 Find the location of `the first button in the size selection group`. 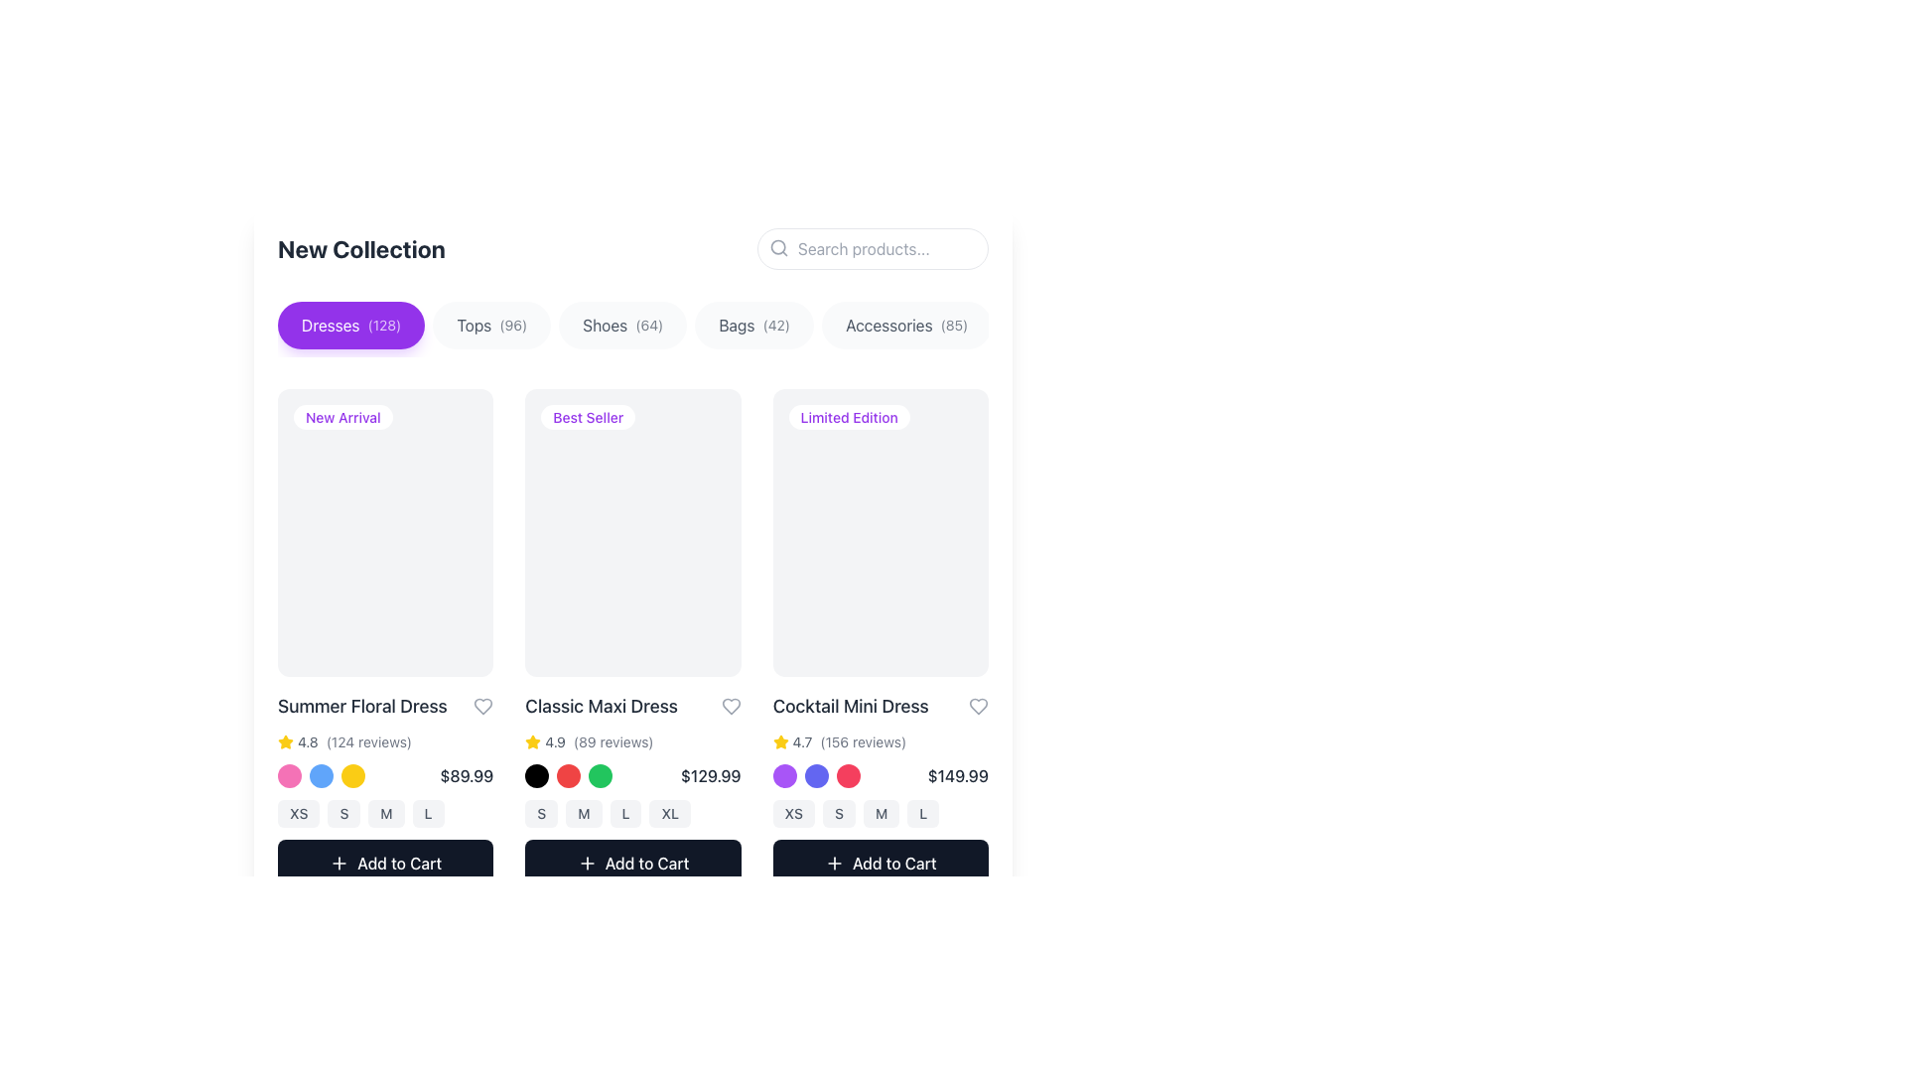

the first button in the size selection group is located at coordinates (792, 813).